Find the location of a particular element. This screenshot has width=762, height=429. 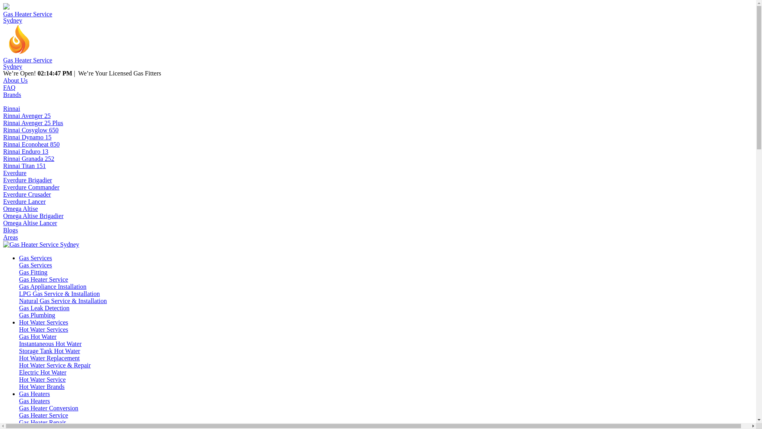

'Rinnai Econoheat 850' is located at coordinates (31, 144).